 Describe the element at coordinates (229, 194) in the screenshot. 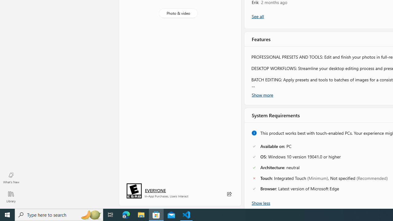

I see `'Share'` at that location.